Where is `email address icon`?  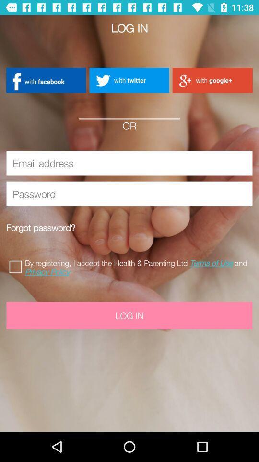
email address icon is located at coordinates (129, 163).